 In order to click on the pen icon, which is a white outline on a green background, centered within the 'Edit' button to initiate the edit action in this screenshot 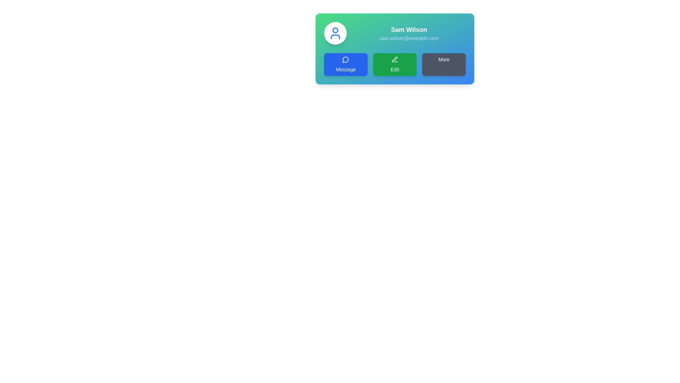, I will do `click(394, 59)`.